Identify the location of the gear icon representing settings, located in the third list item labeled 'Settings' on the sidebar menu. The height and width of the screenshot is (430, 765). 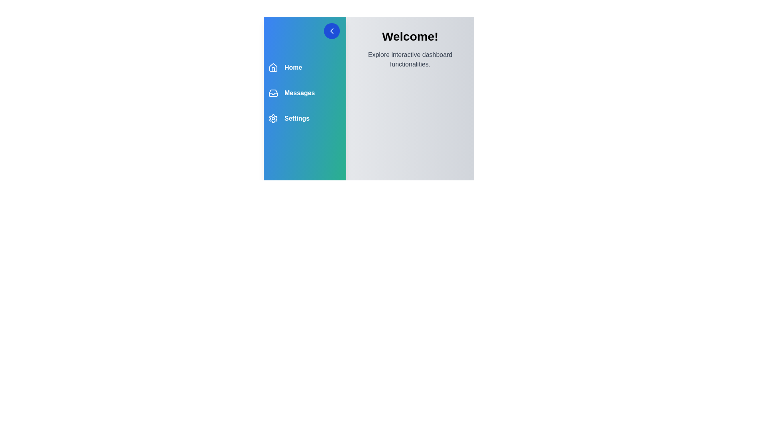
(273, 118).